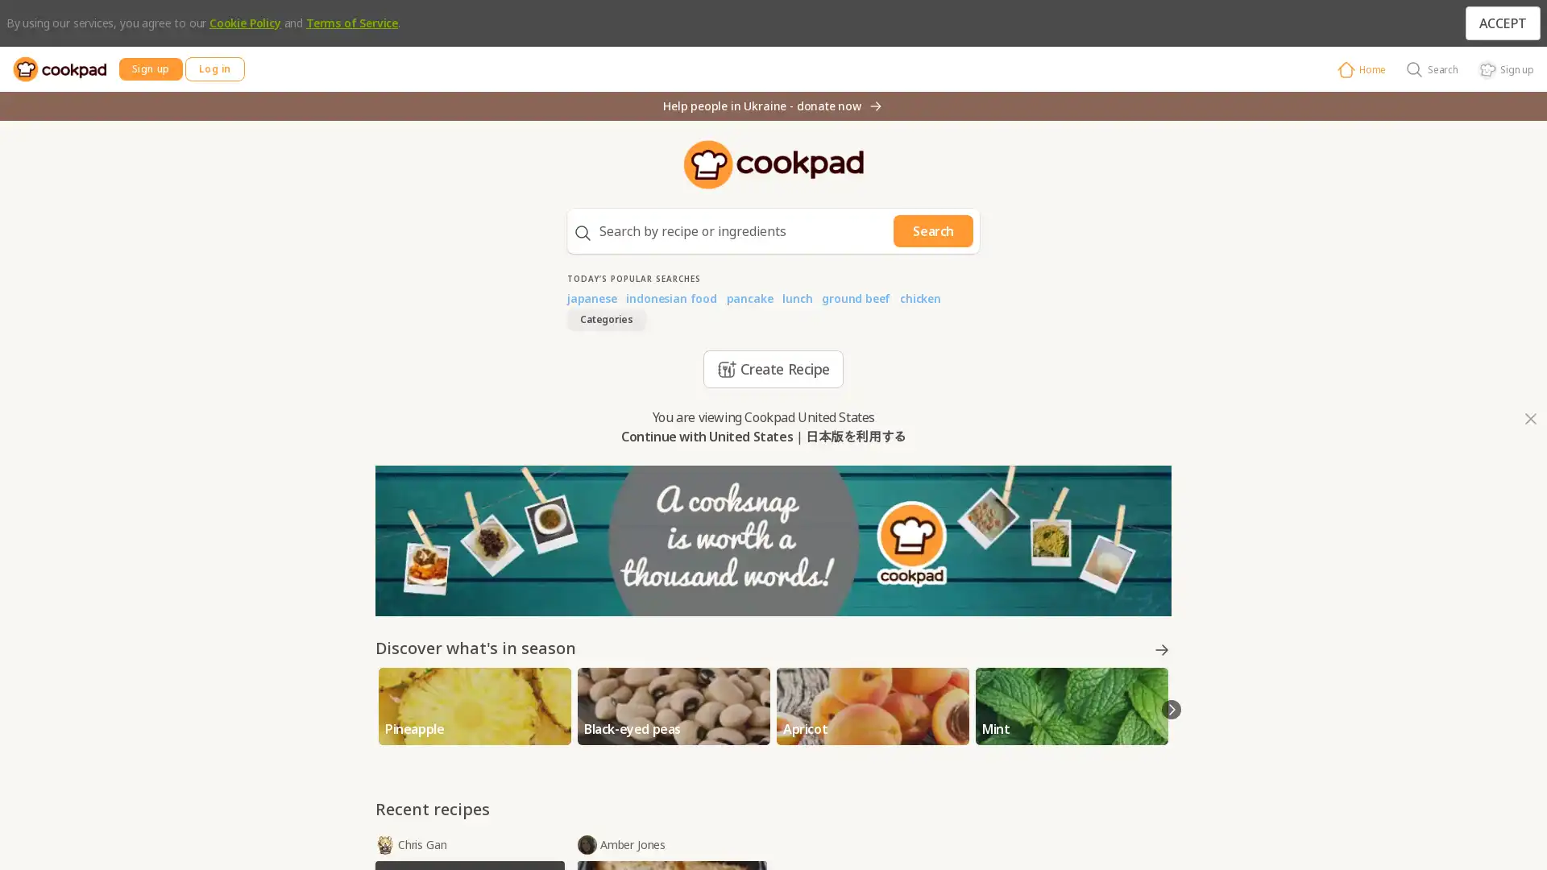 This screenshot has height=870, width=1547. What do you see at coordinates (765, 741) in the screenshot?
I see `Slide 1` at bounding box center [765, 741].